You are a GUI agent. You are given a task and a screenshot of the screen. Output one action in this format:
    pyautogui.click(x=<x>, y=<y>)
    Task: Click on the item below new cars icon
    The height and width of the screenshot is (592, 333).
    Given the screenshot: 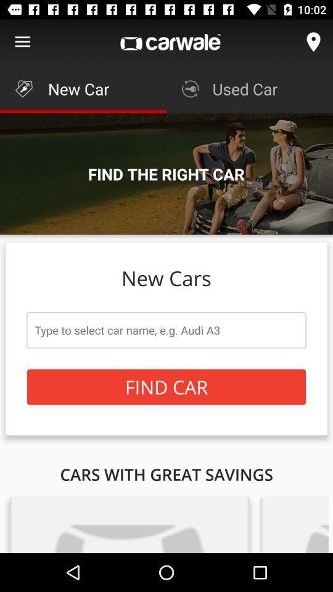 What is the action you would take?
    pyautogui.click(x=166, y=329)
    